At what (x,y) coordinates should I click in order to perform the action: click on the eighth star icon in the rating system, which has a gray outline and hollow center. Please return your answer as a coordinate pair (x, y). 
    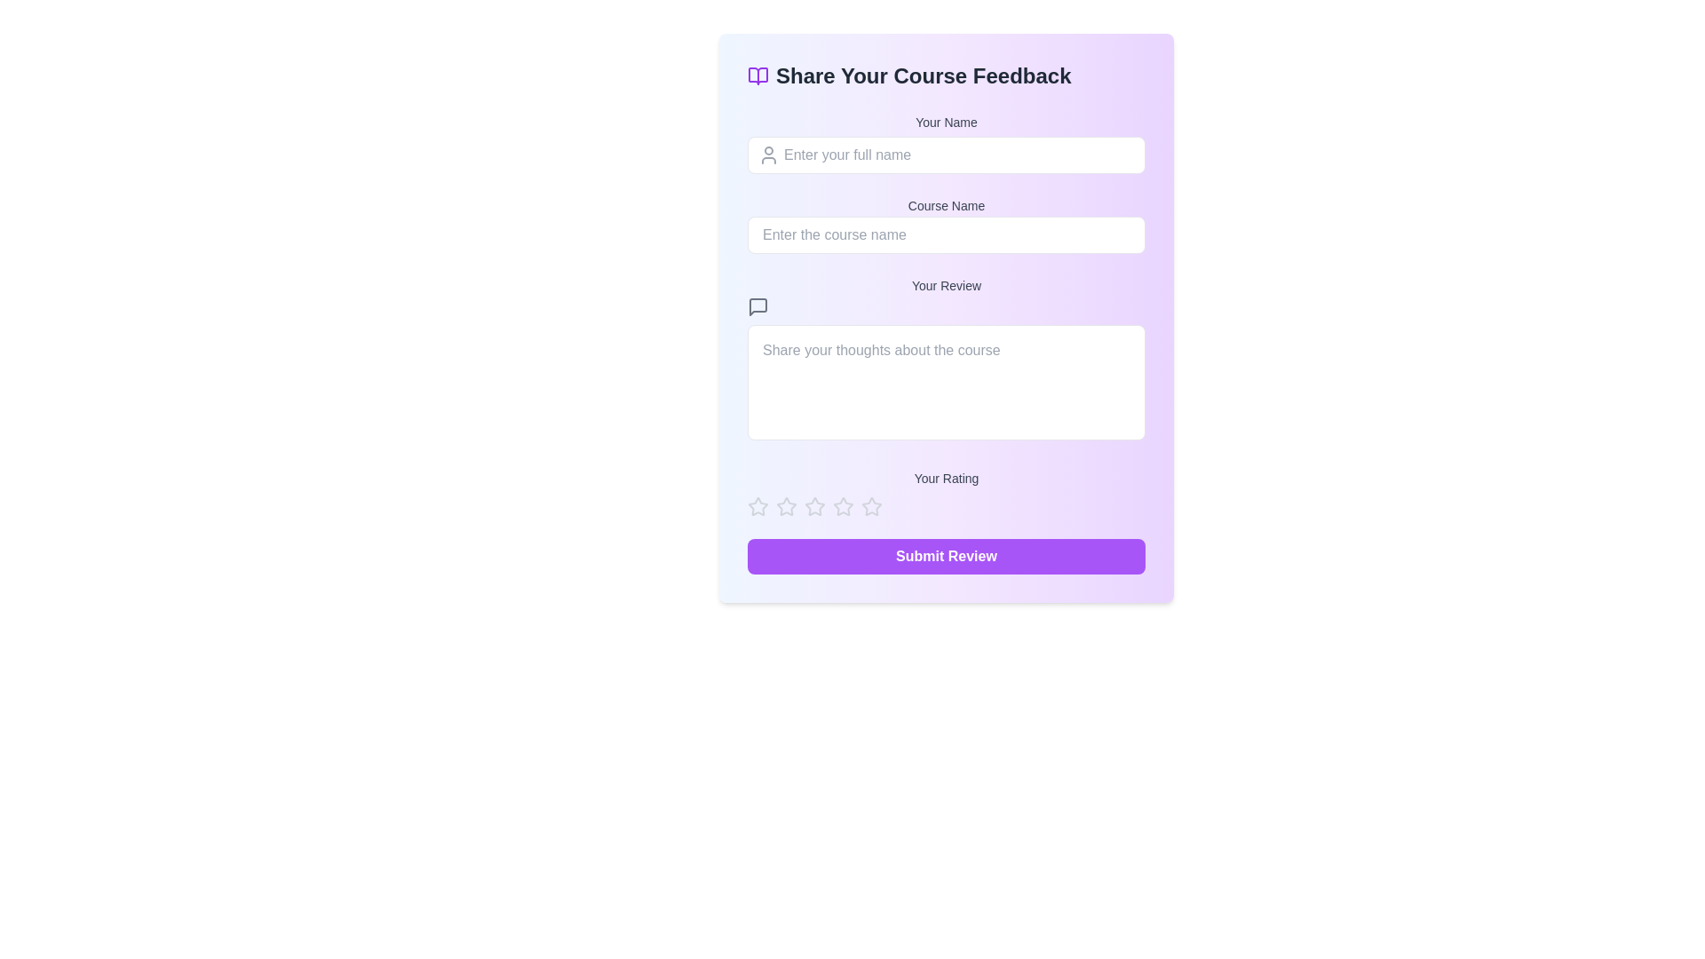
    Looking at the image, I should click on (872, 506).